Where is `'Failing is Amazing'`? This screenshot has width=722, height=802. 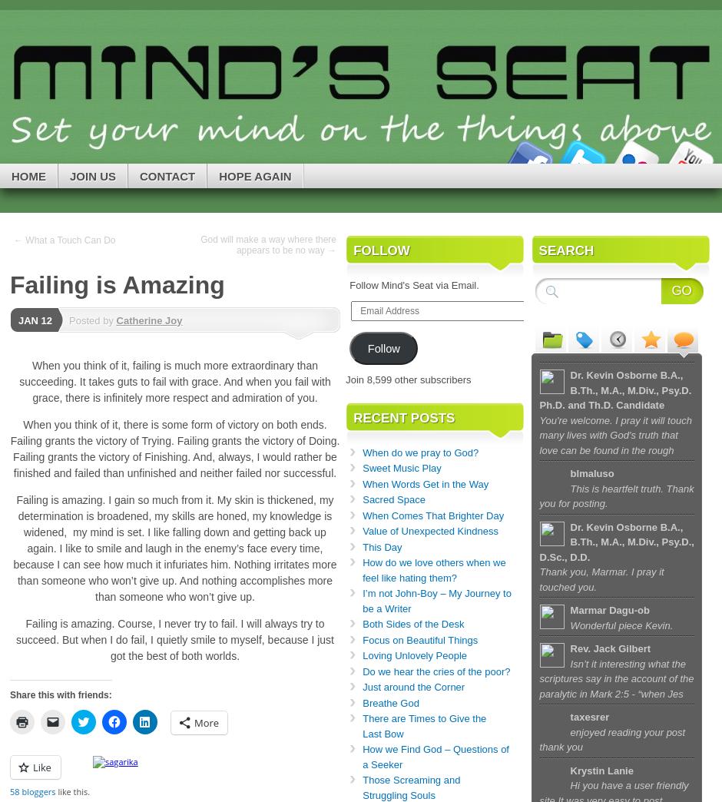 'Failing is Amazing' is located at coordinates (116, 285).